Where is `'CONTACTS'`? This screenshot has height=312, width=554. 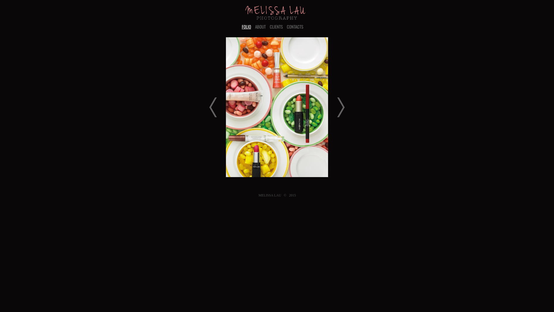 'CONTACTS' is located at coordinates (295, 27).